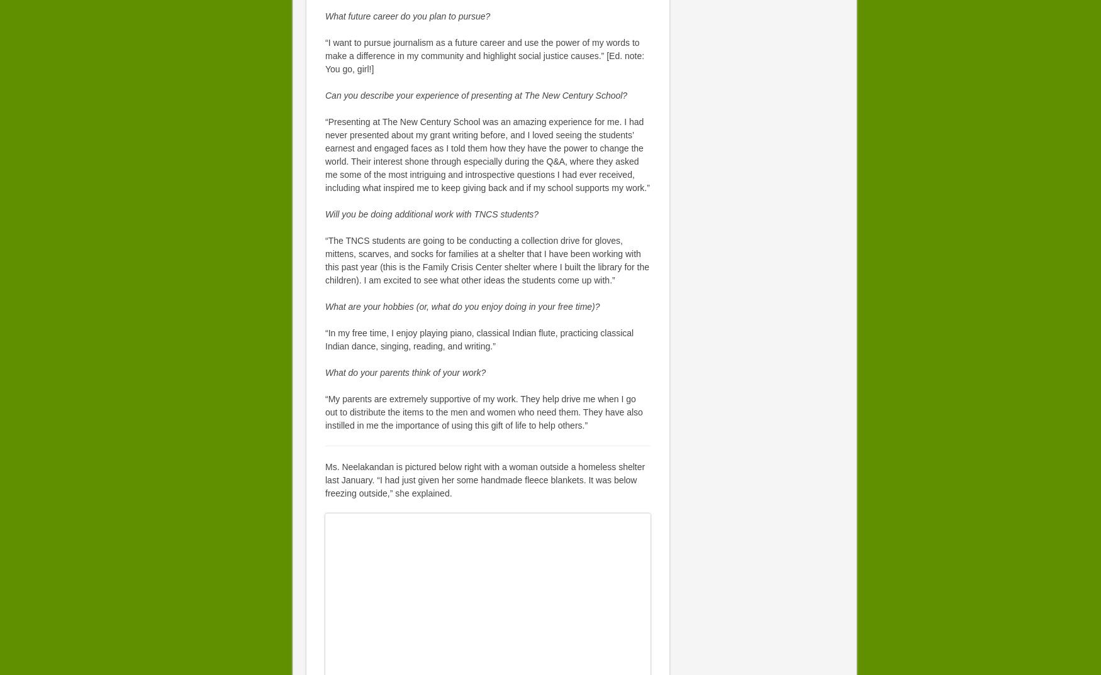 The image size is (1101, 675). I want to click on '“Presenting at The New Century School was an amazing experience for me. I had never presented about my grant writing before, and I loved seeing the students’ earnest and engaged faces as I told them how they have the power to change the world. Their interest shone through especially during the Q&A, where they asked me some of the most intriguing and introspective questions I had ever received, including what inspired me to keep giving back and if my school supports my work.”', so click(324, 154).